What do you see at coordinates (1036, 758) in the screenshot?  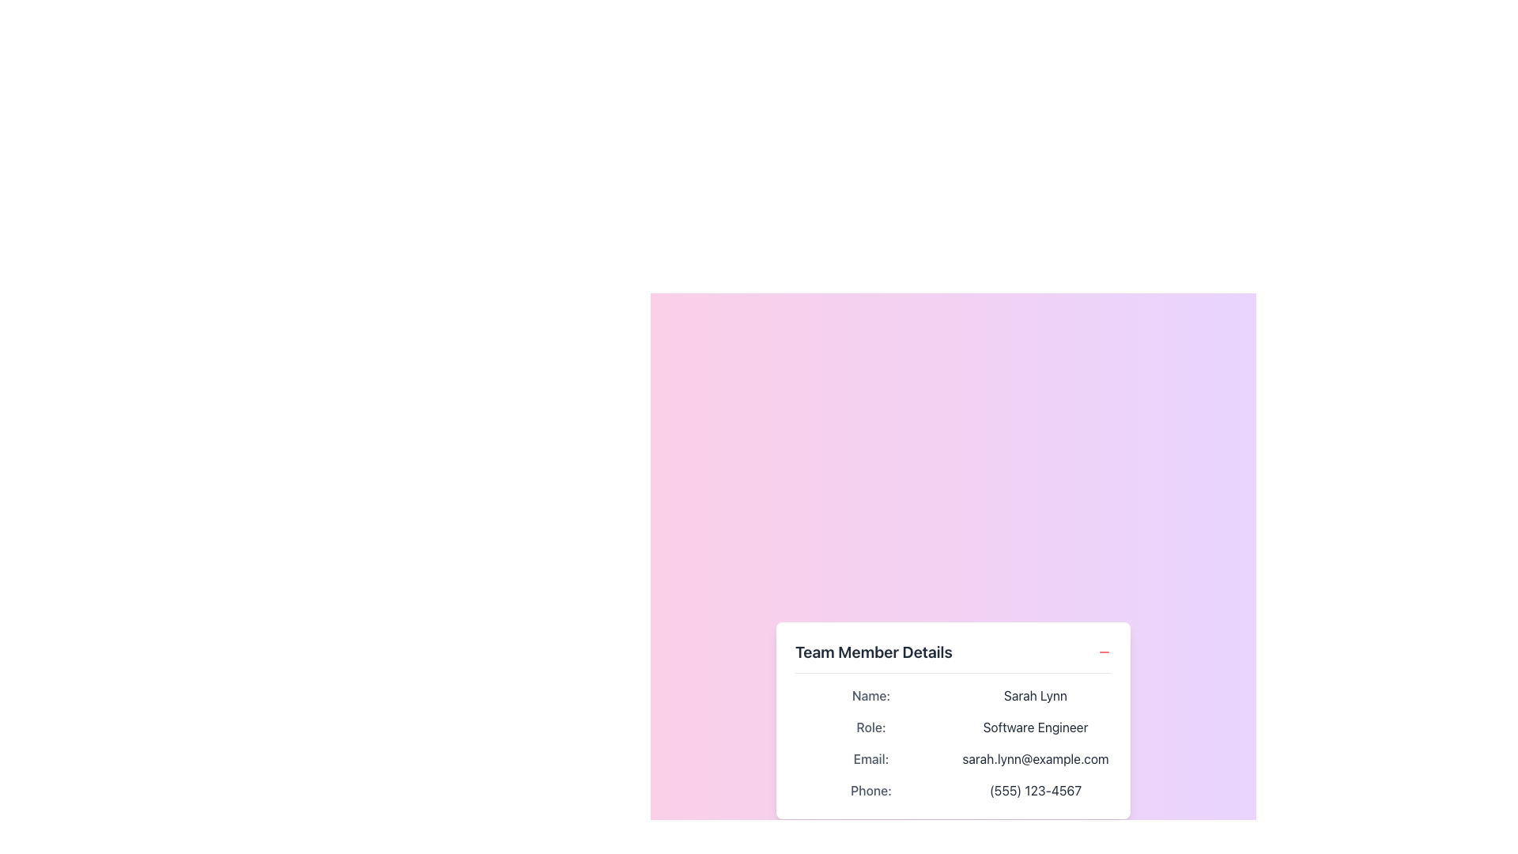 I see `the text display showing the email address of Sarah Lynn, located below the 'Email:' label in the 'Team Member Details' section` at bounding box center [1036, 758].